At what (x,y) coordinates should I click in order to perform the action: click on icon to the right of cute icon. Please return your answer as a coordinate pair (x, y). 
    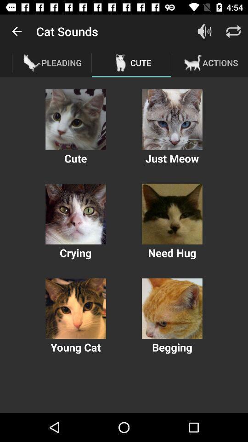
    Looking at the image, I should click on (204, 31).